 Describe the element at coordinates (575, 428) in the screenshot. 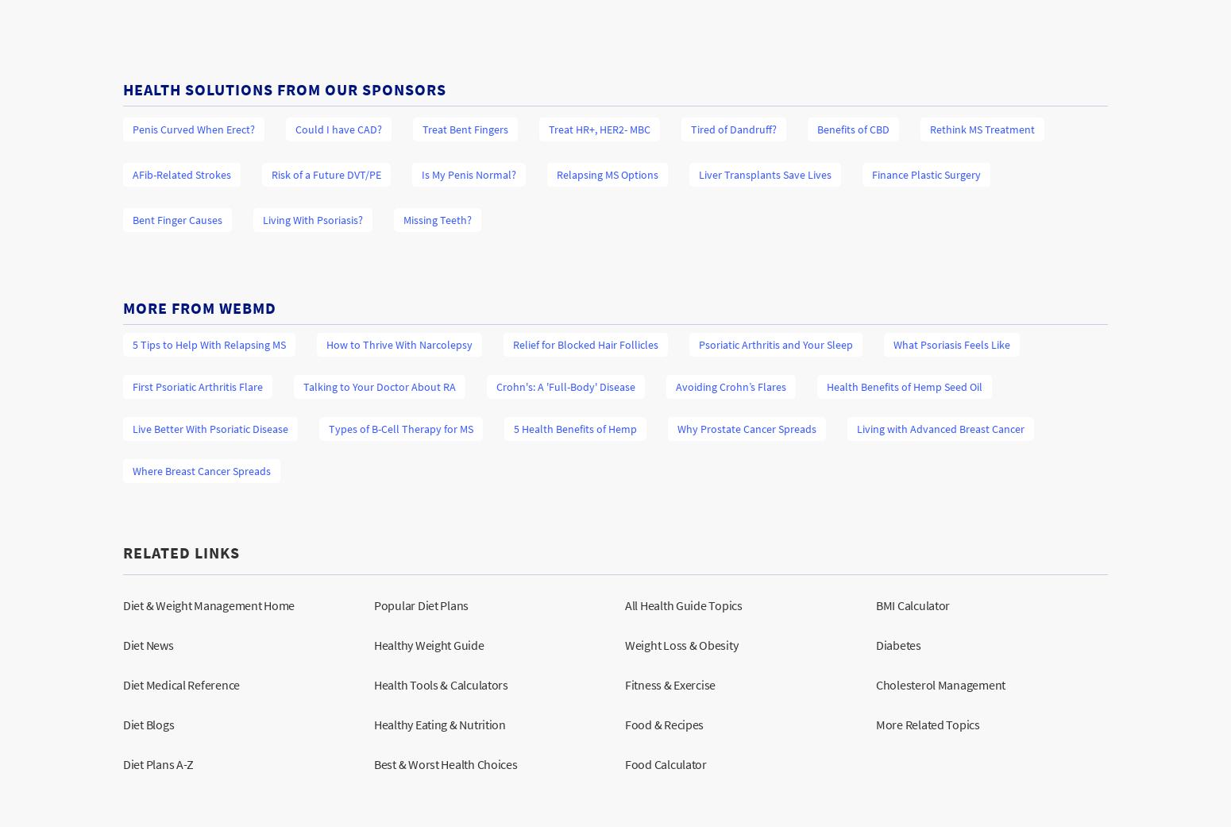

I see `'5 Health Benefits of Hemp'` at that location.